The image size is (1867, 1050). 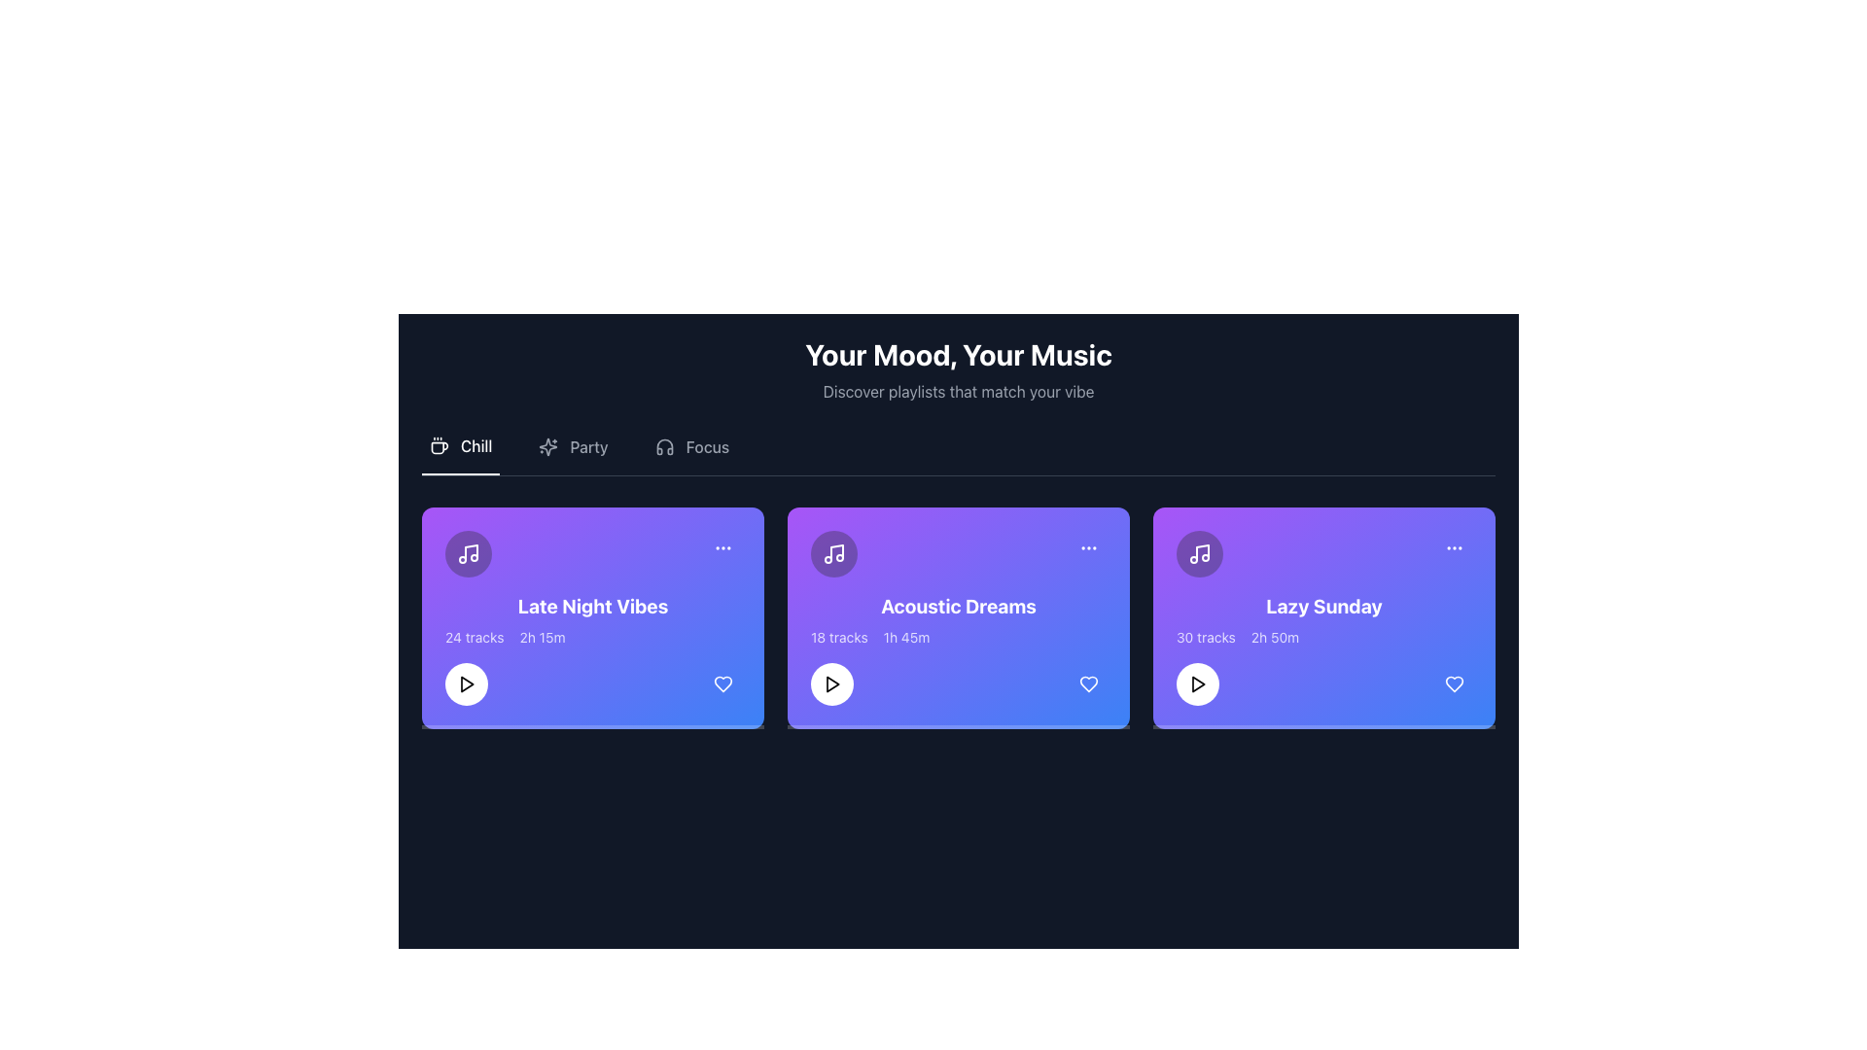 What do you see at coordinates (722, 547) in the screenshot?
I see `the icon button (ellipsis) located at the top-right area of the 'Late Night Vibes' card` at bounding box center [722, 547].